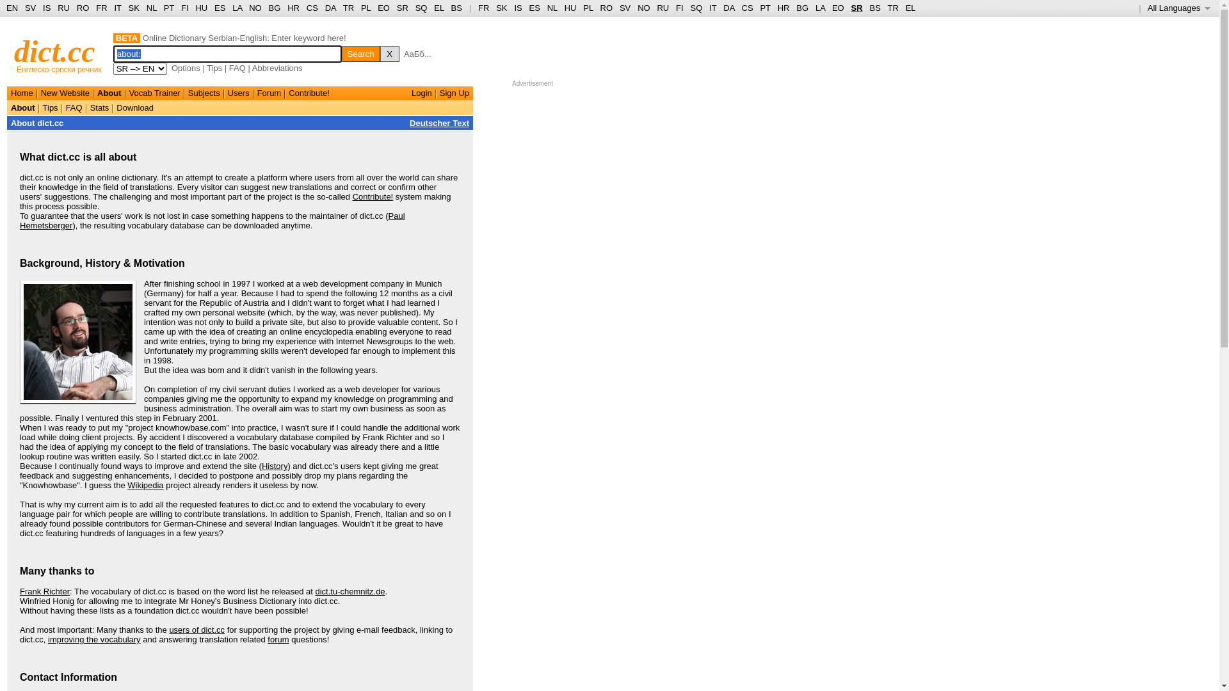 The height and width of the screenshot is (691, 1229). I want to click on 'CS', so click(306, 8).